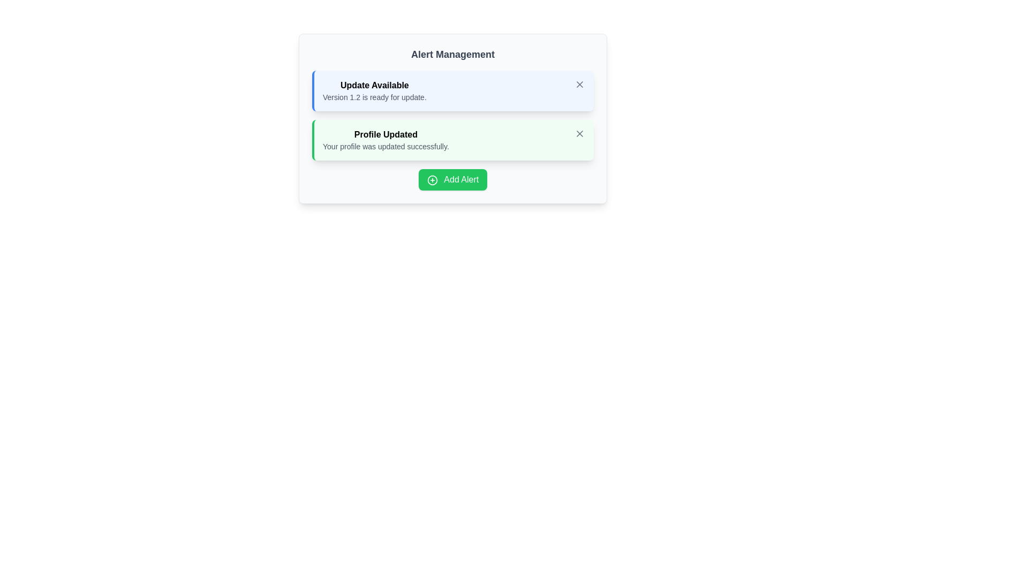  What do you see at coordinates (432, 179) in the screenshot?
I see `the circular outline in the 'Add Alert' button icon, which is located below the 'Update Available' and 'Profile Updated' messages` at bounding box center [432, 179].